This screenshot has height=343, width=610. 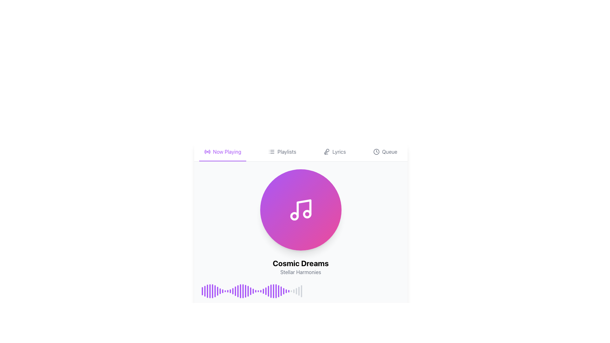 What do you see at coordinates (261, 291) in the screenshot?
I see `the visual representation of the 25th Waveform bar in the waveform visualization, which indicates audio dynamics` at bounding box center [261, 291].